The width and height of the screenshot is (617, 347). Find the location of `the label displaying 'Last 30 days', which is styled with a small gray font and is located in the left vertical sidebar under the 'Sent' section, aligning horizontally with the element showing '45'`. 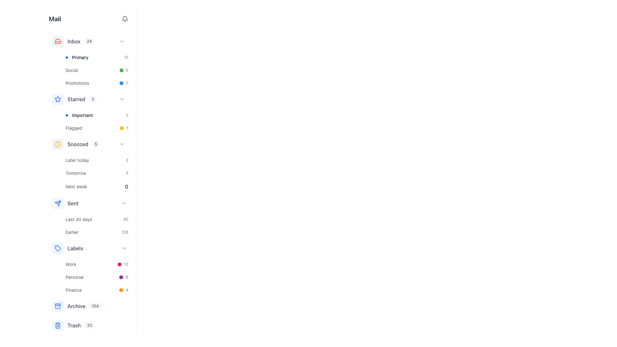

the label displaying 'Last 30 days', which is styled with a small gray font and is located in the left vertical sidebar under the 'Sent' section, aligning horizontally with the element showing '45' is located at coordinates (78, 219).